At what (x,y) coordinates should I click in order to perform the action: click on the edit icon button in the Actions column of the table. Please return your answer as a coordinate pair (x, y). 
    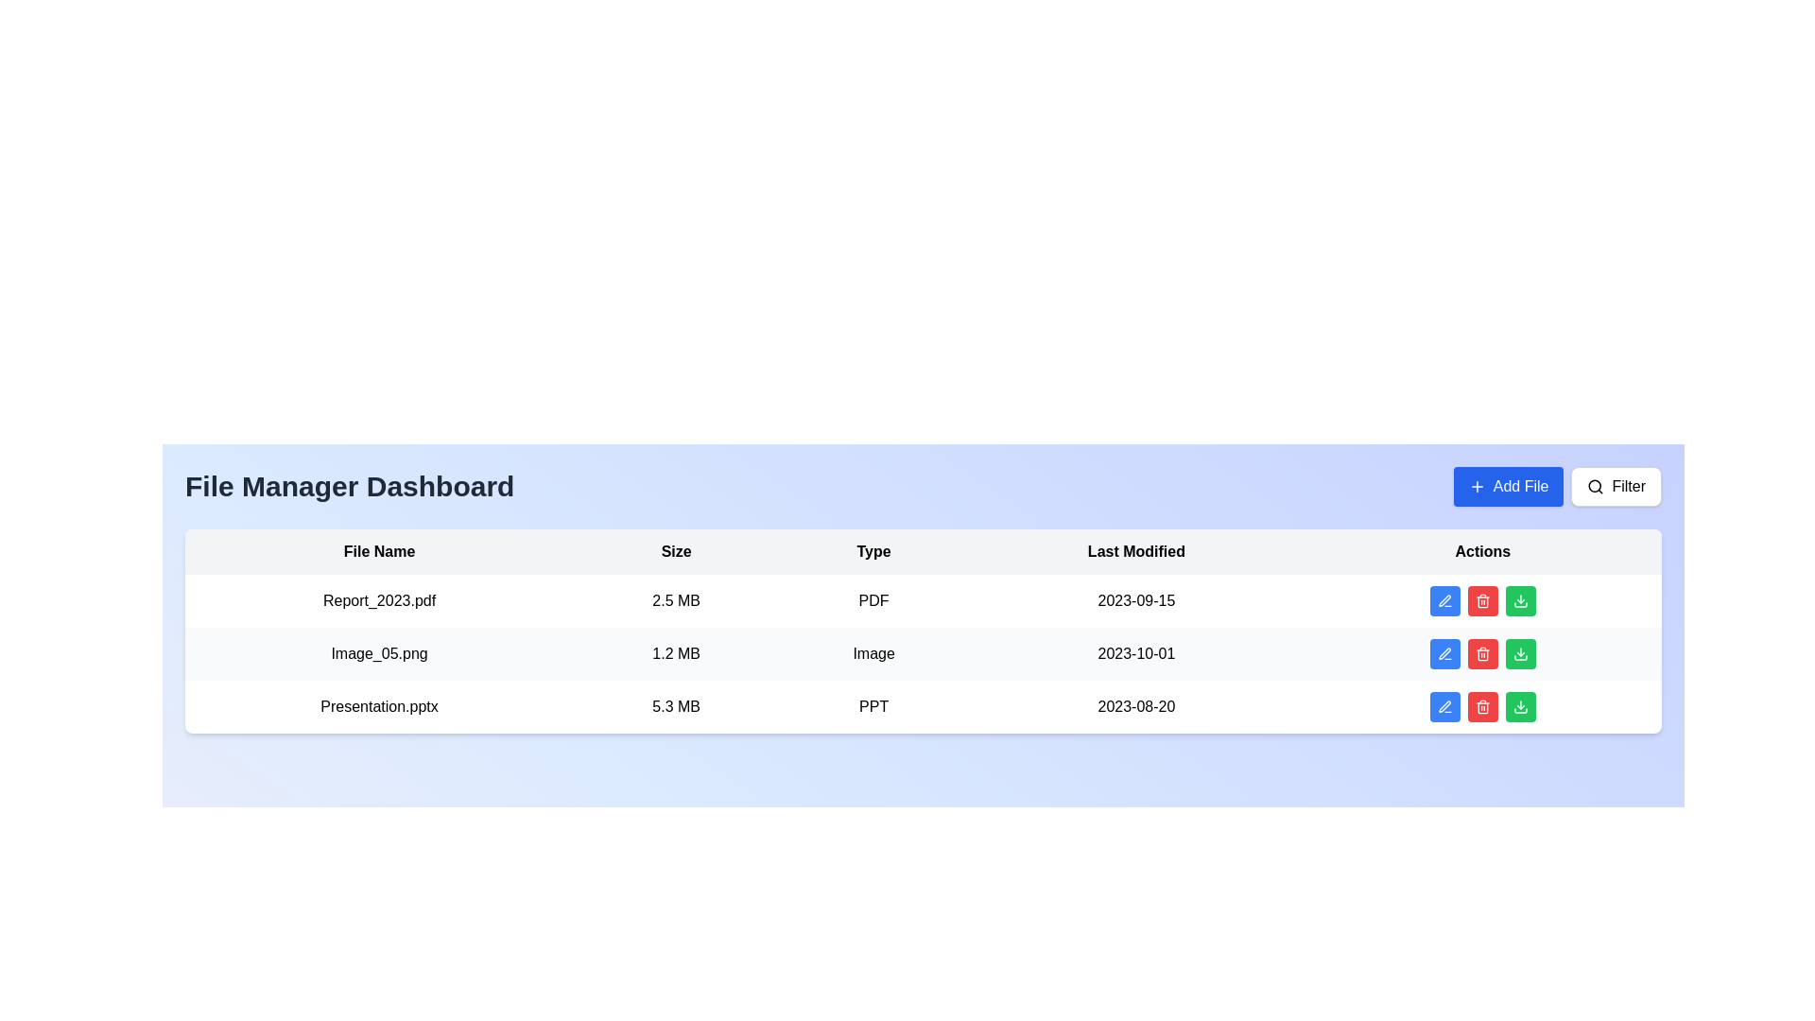
    Looking at the image, I should click on (1443, 707).